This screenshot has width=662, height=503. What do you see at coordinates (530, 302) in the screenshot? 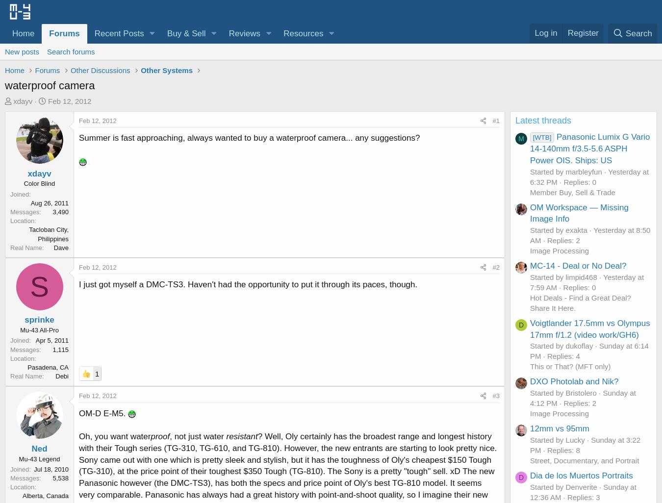
I see `'Hot Deals - Find a Great Deal? Share It Here.'` at bounding box center [530, 302].